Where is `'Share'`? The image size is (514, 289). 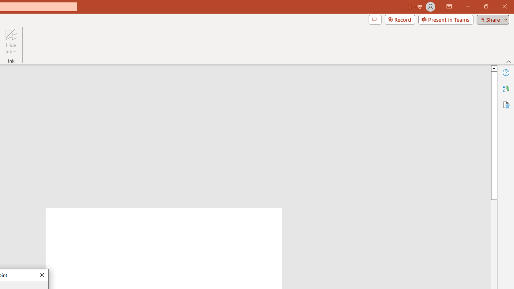 'Share' is located at coordinates (491, 19).